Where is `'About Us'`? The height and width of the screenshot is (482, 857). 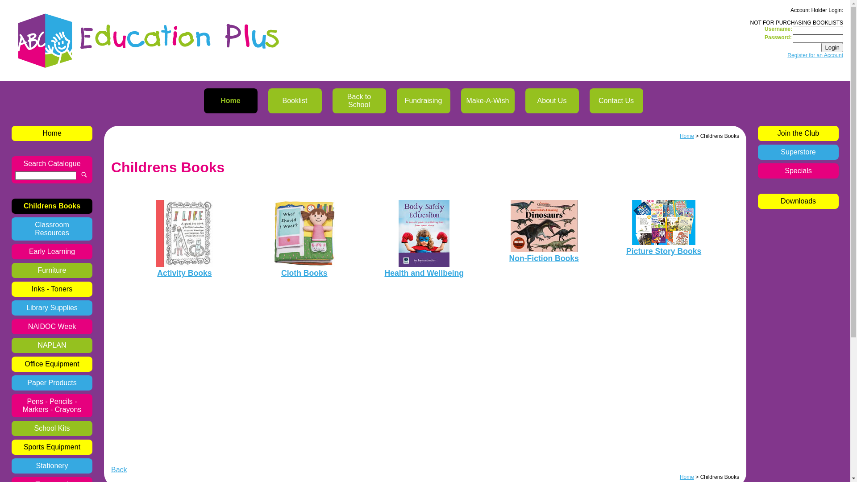
'About Us' is located at coordinates (551, 100).